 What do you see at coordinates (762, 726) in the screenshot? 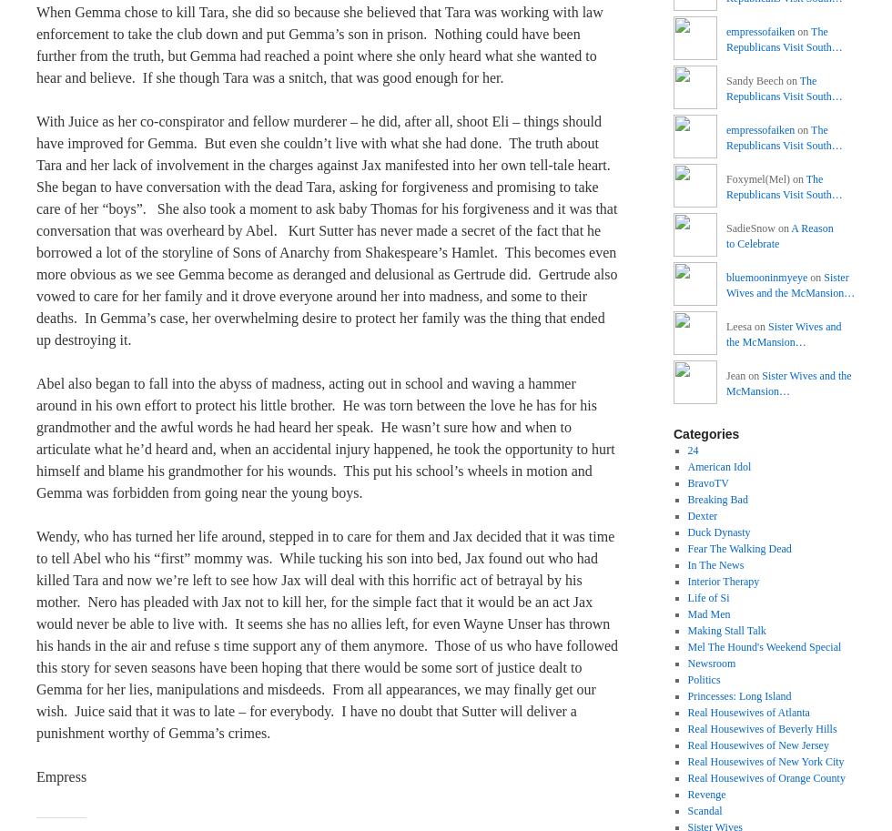
I see `'Real Housewives of Beverly Hills'` at bounding box center [762, 726].